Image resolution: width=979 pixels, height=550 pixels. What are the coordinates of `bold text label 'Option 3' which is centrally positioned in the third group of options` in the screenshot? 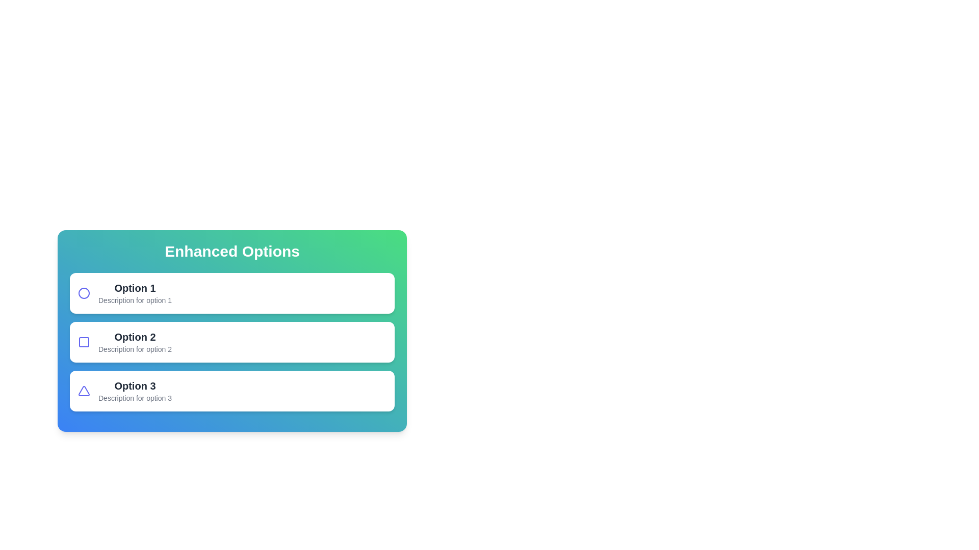 It's located at (134, 386).